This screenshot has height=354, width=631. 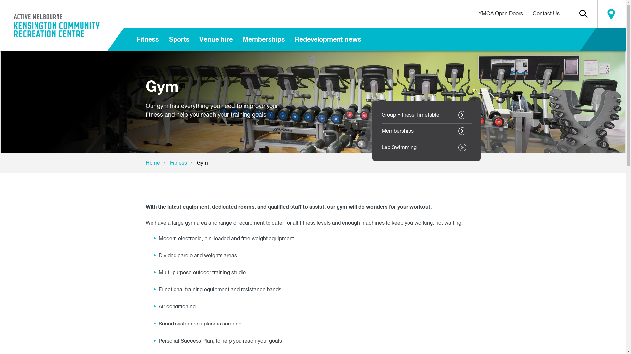 I want to click on 'Venue hire', so click(x=216, y=40).